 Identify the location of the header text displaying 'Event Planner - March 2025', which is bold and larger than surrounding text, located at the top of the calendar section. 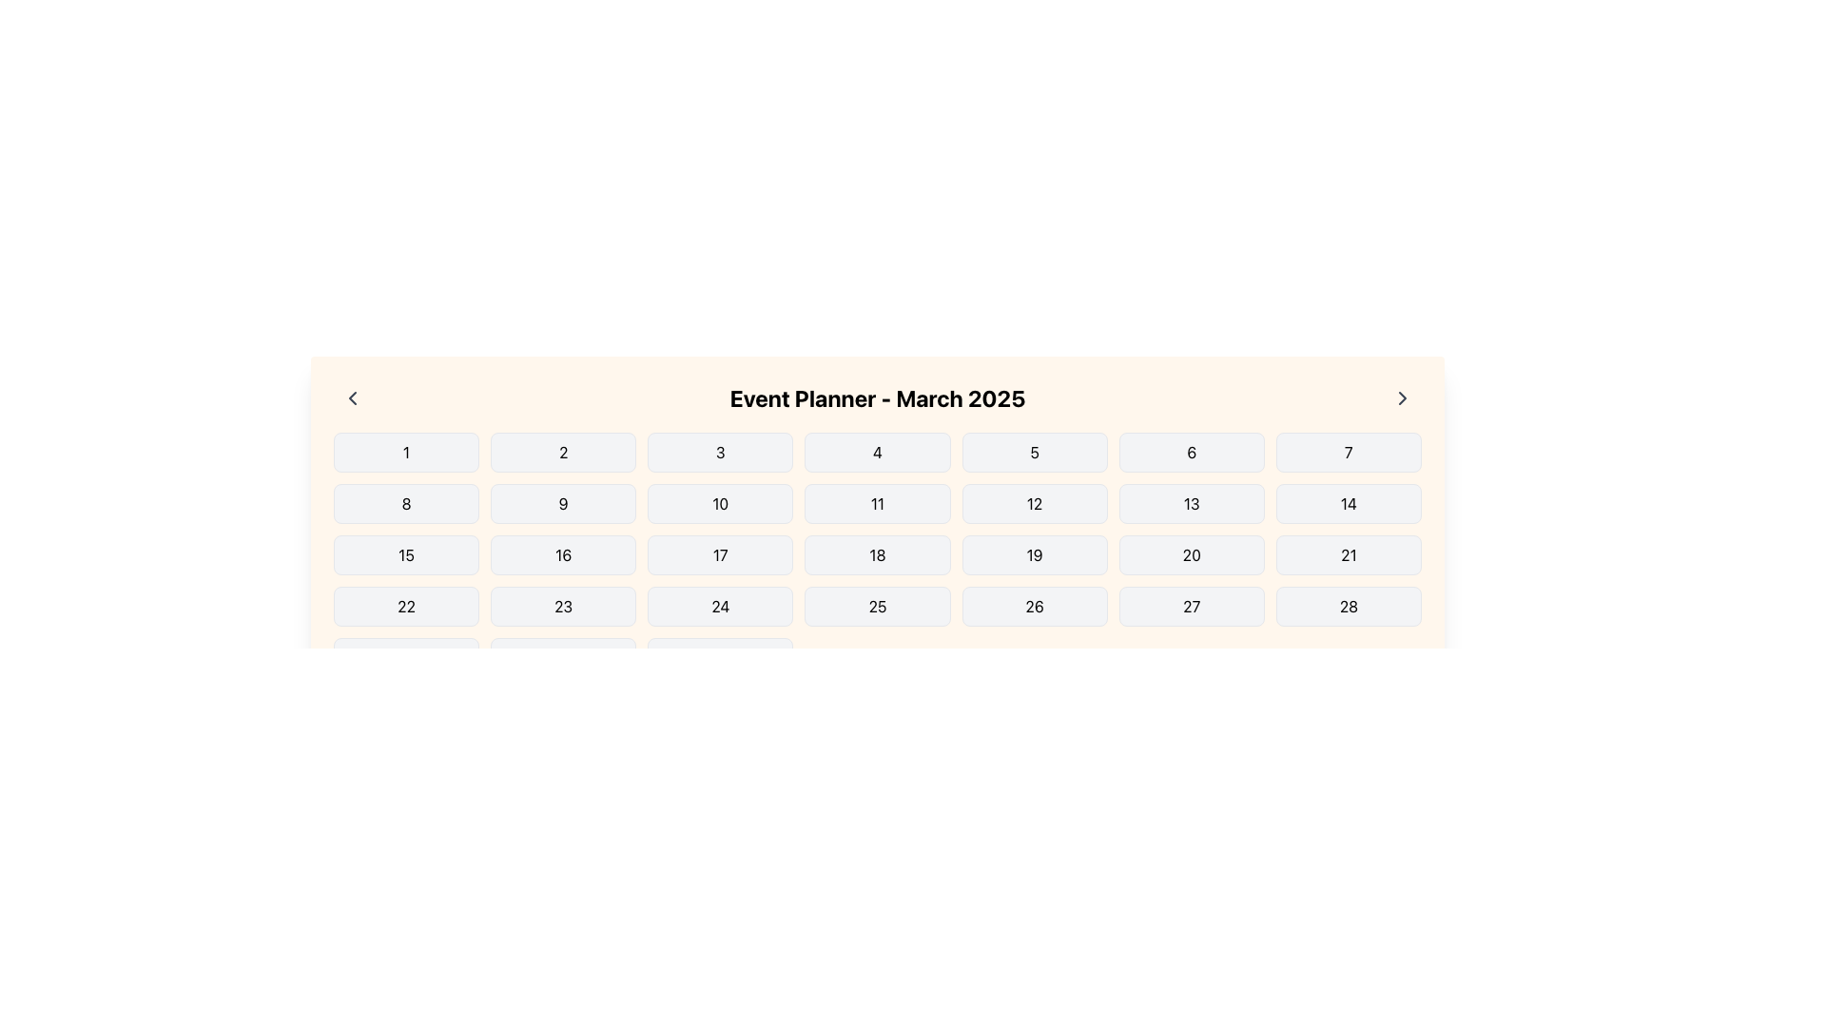
(876, 397).